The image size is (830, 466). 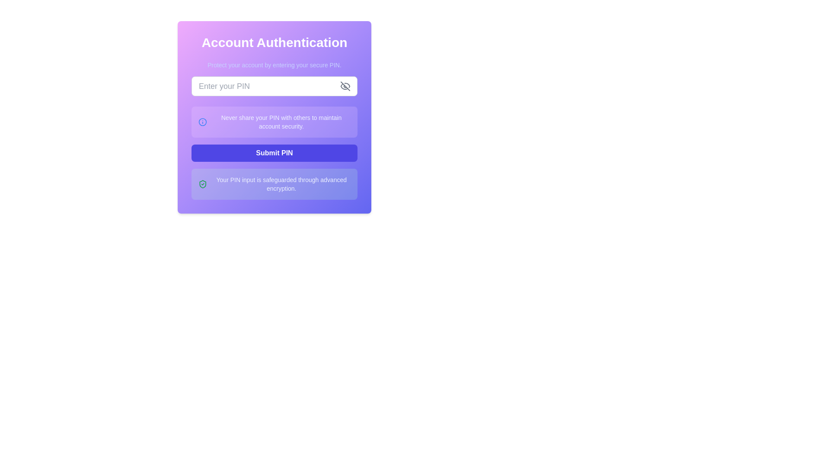 What do you see at coordinates (345, 86) in the screenshot?
I see `the eye icon with a slash, which indicates a 'hide' function, located to the right of the 'Enter your PIN' input field` at bounding box center [345, 86].